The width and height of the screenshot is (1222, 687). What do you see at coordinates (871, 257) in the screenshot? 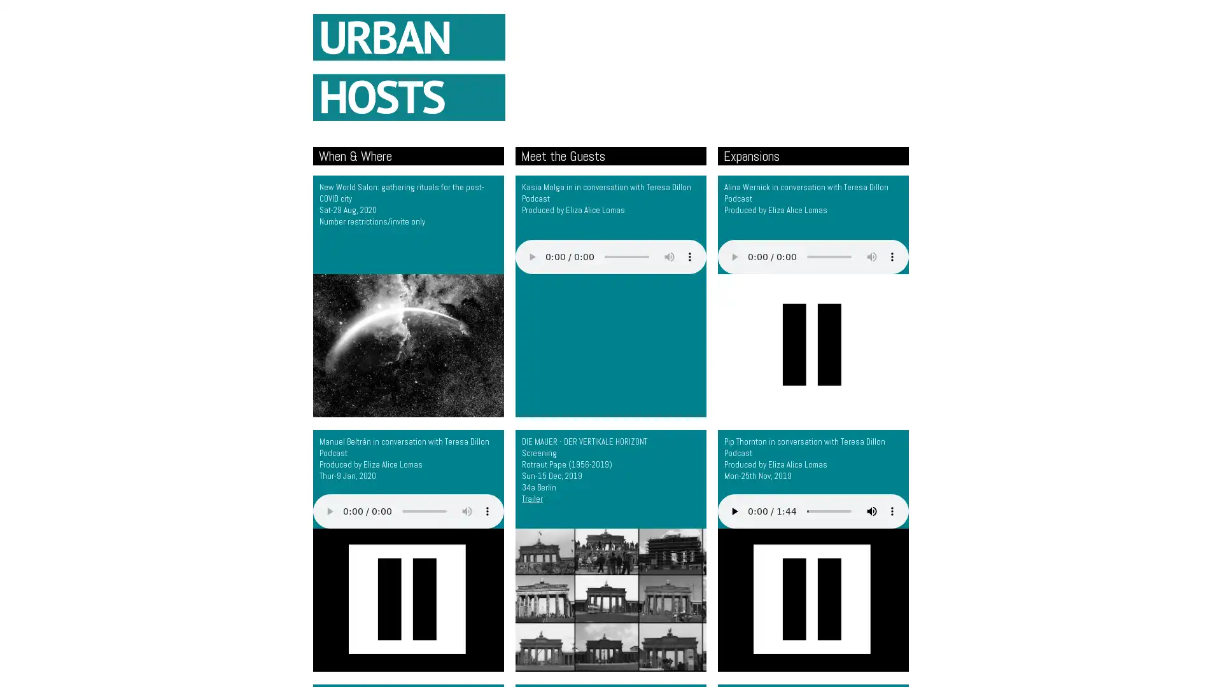
I see `mute` at bounding box center [871, 257].